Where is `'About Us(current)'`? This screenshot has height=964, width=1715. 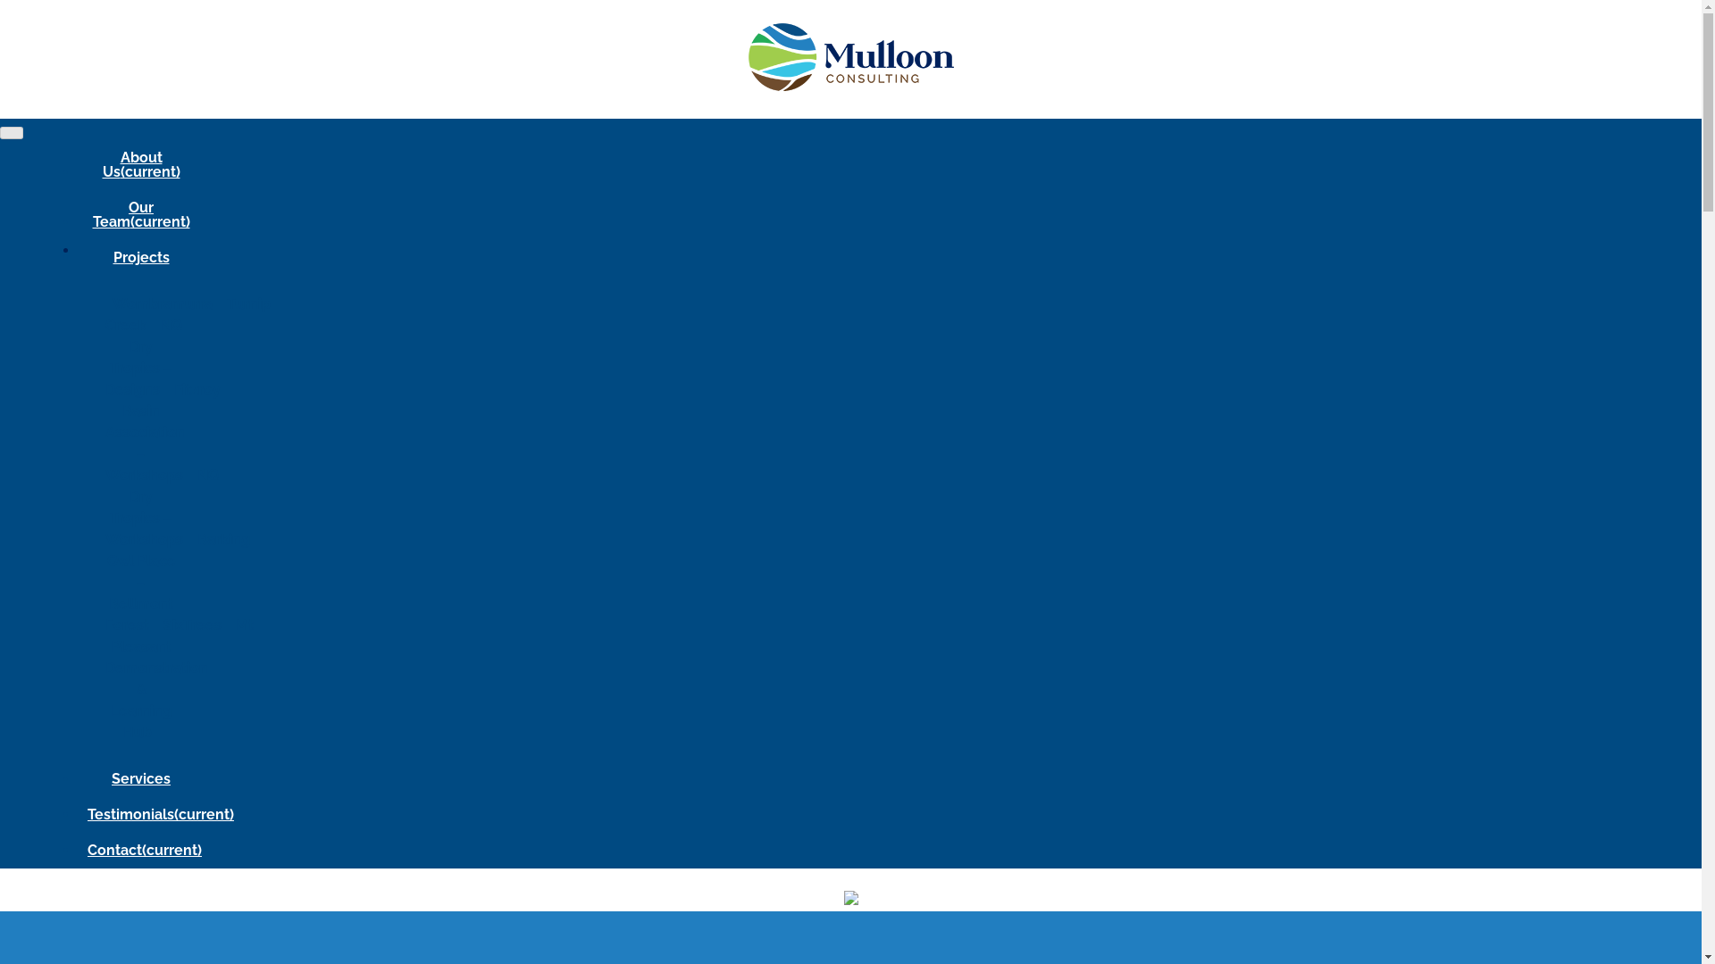
'About Us(current)' is located at coordinates (140, 165).